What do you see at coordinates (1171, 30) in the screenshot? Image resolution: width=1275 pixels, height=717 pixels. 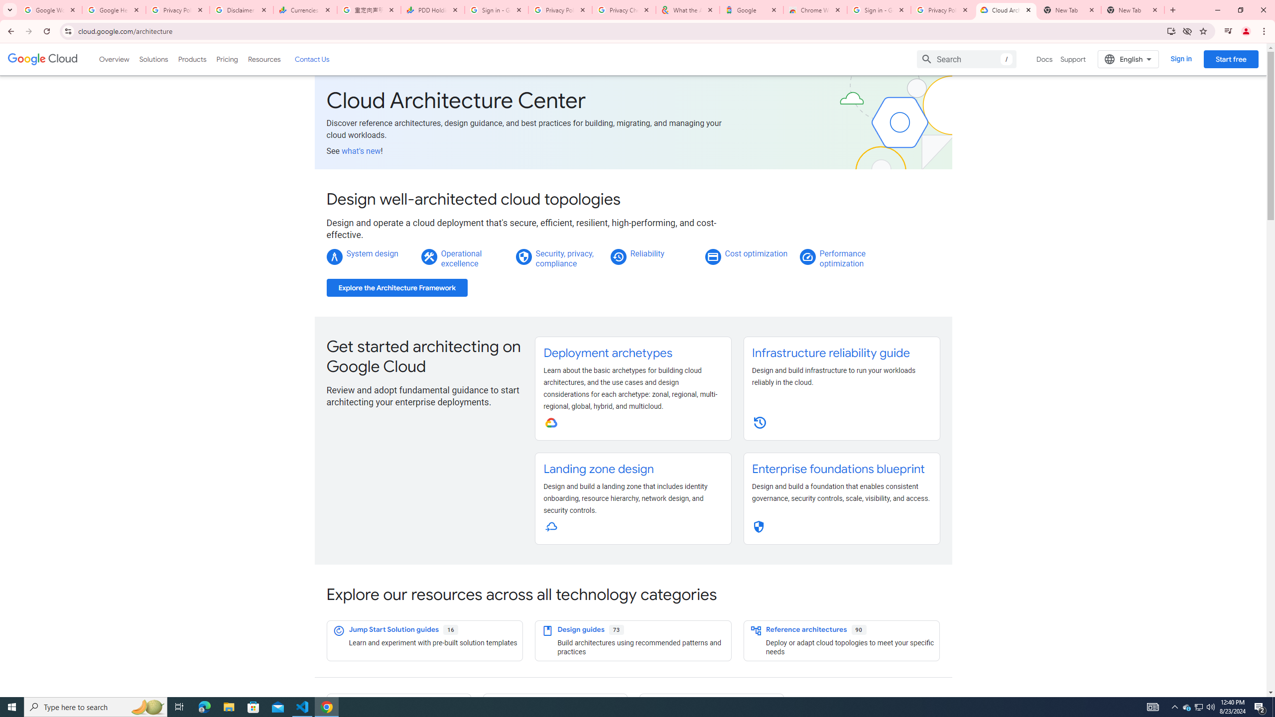 I see `'Install Google Cloud'` at bounding box center [1171, 30].